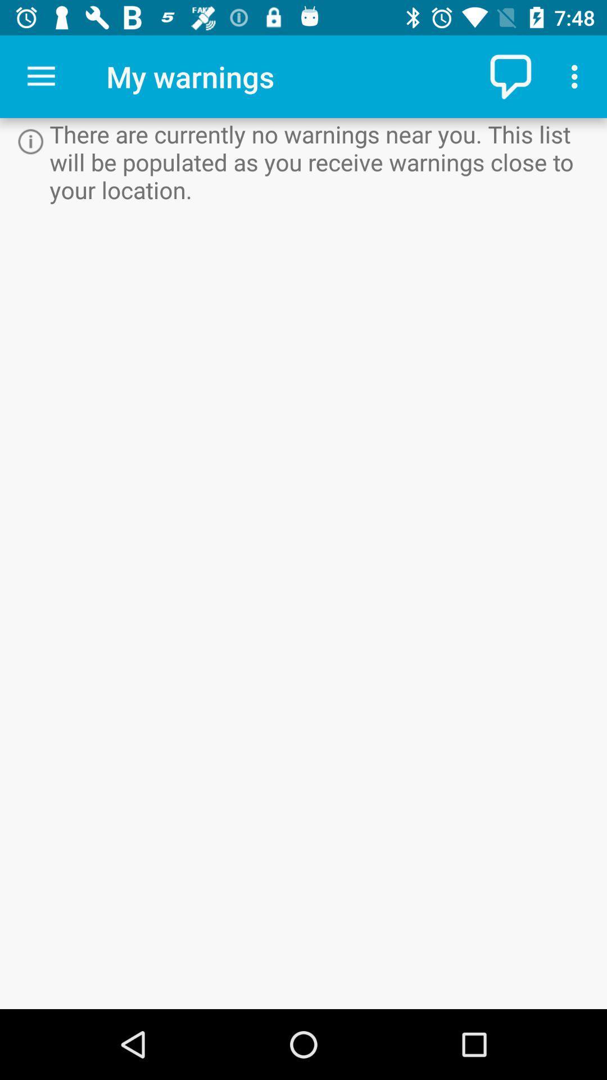  What do you see at coordinates (577, 76) in the screenshot?
I see `icon above there are currently icon` at bounding box center [577, 76].